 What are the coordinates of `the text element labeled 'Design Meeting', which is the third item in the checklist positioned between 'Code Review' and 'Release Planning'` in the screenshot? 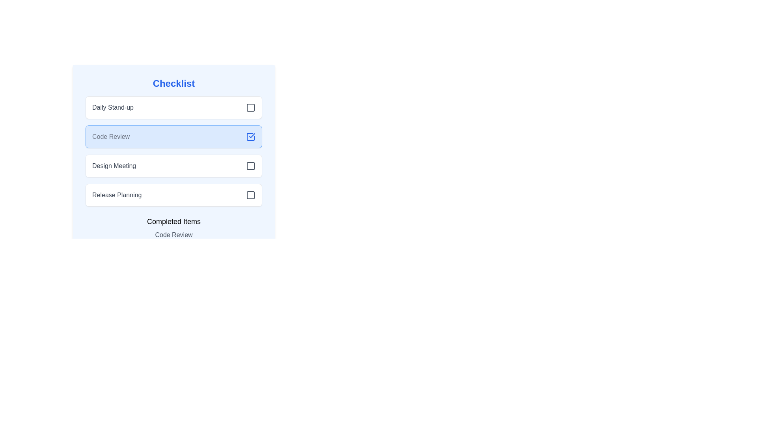 It's located at (114, 165).